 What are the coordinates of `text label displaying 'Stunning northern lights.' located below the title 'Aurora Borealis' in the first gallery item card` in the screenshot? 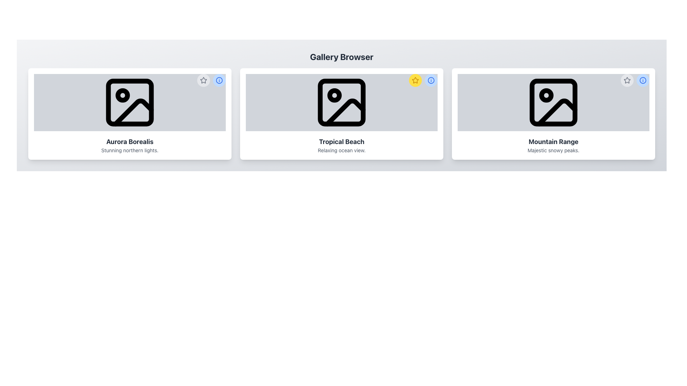 It's located at (130, 150).